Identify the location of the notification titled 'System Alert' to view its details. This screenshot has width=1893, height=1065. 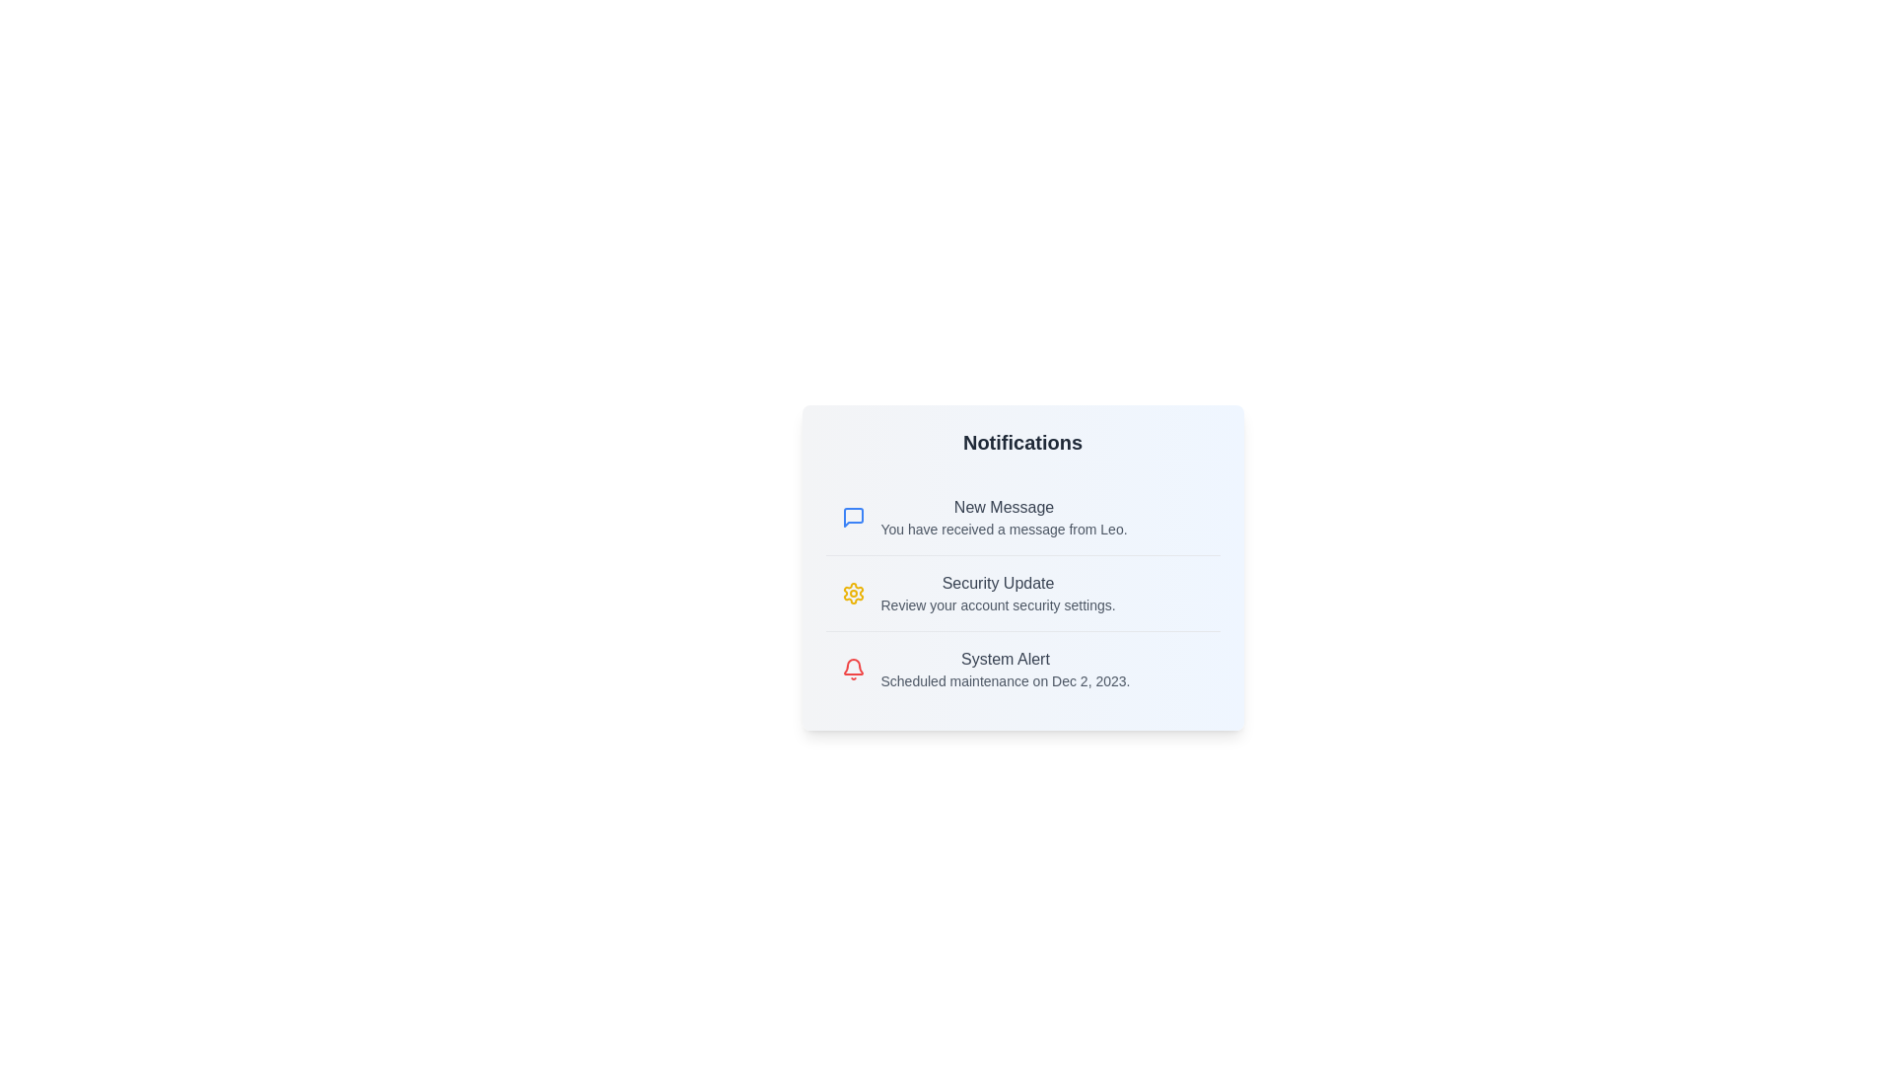
(1022, 668).